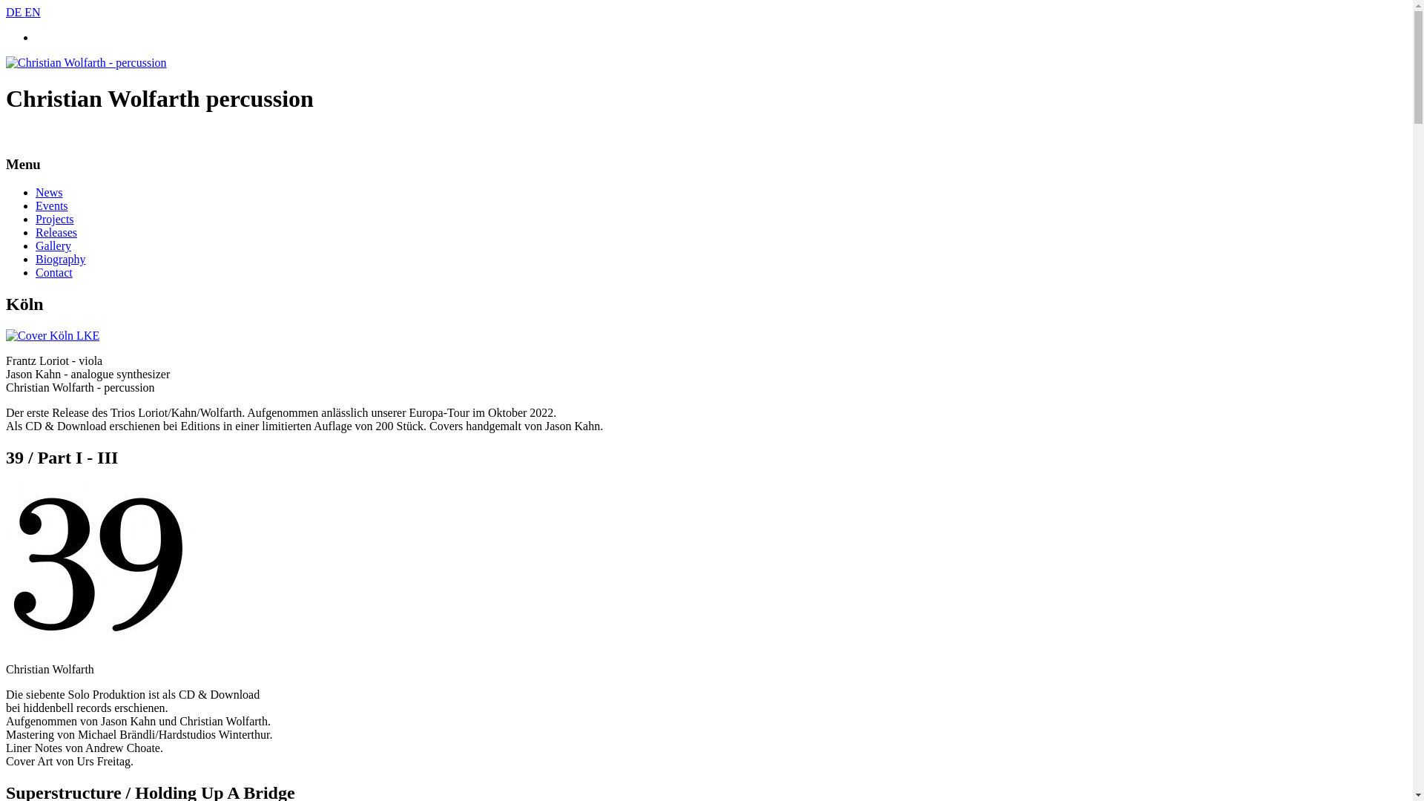  What do you see at coordinates (36, 245) in the screenshot?
I see `'Gallery'` at bounding box center [36, 245].